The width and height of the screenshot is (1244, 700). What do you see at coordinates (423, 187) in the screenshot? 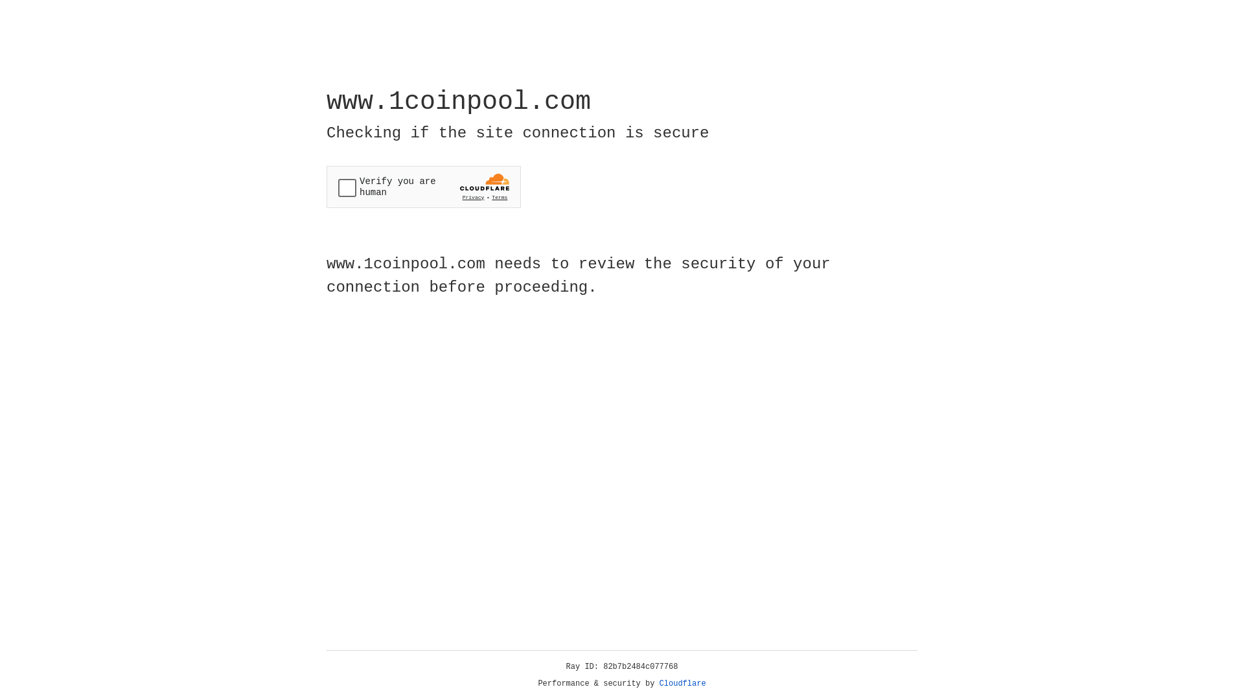
I see `'Widget containing a Cloudflare security challenge'` at bounding box center [423, 187].